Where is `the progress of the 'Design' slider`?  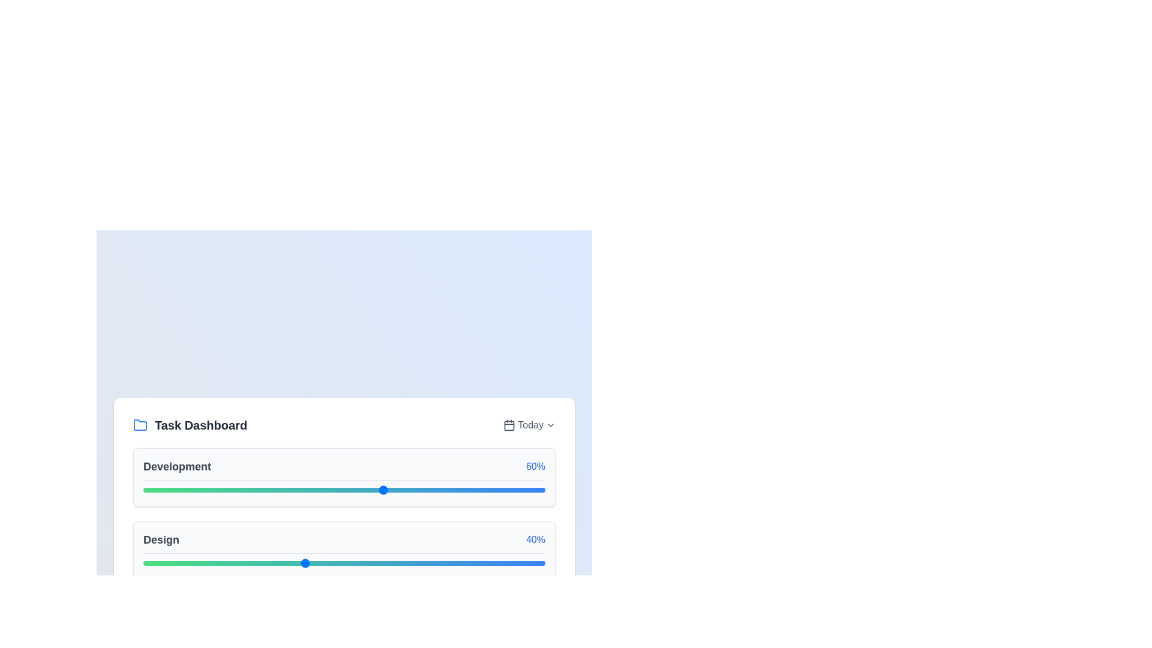
the progress of the 'Design' slider is located at coordinates (380, 563).